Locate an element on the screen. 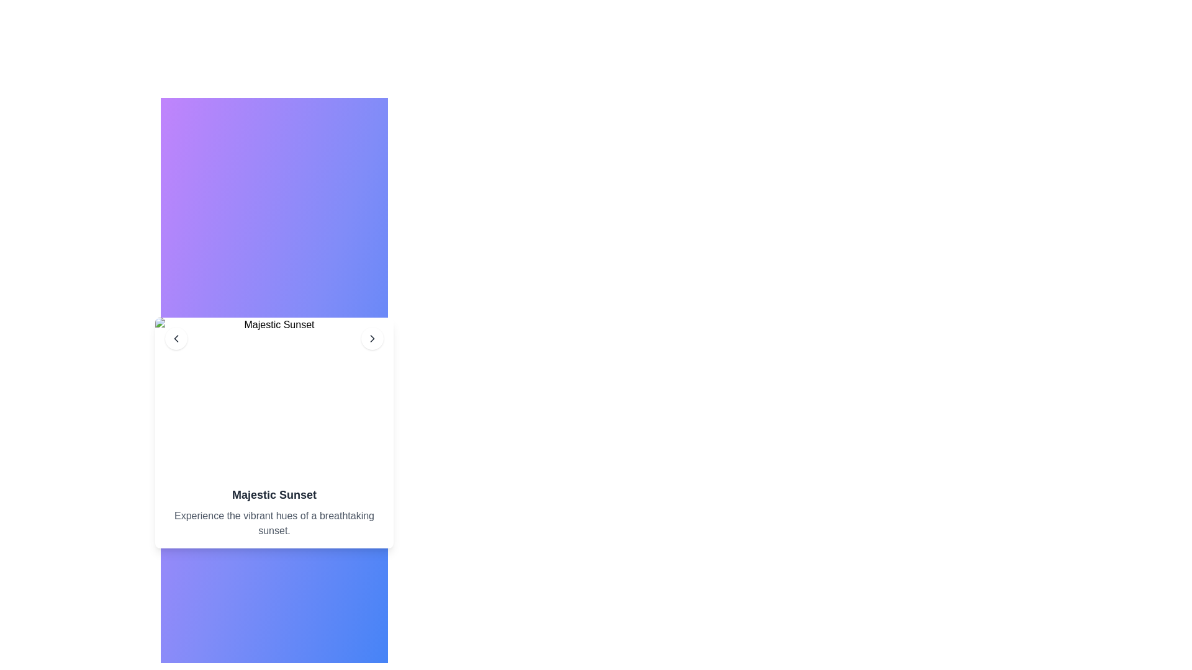 The image size is (1192, 670). the circular white button with a chevron icon located at the top-right corner of the card interface is located at coordinates (372, 339).